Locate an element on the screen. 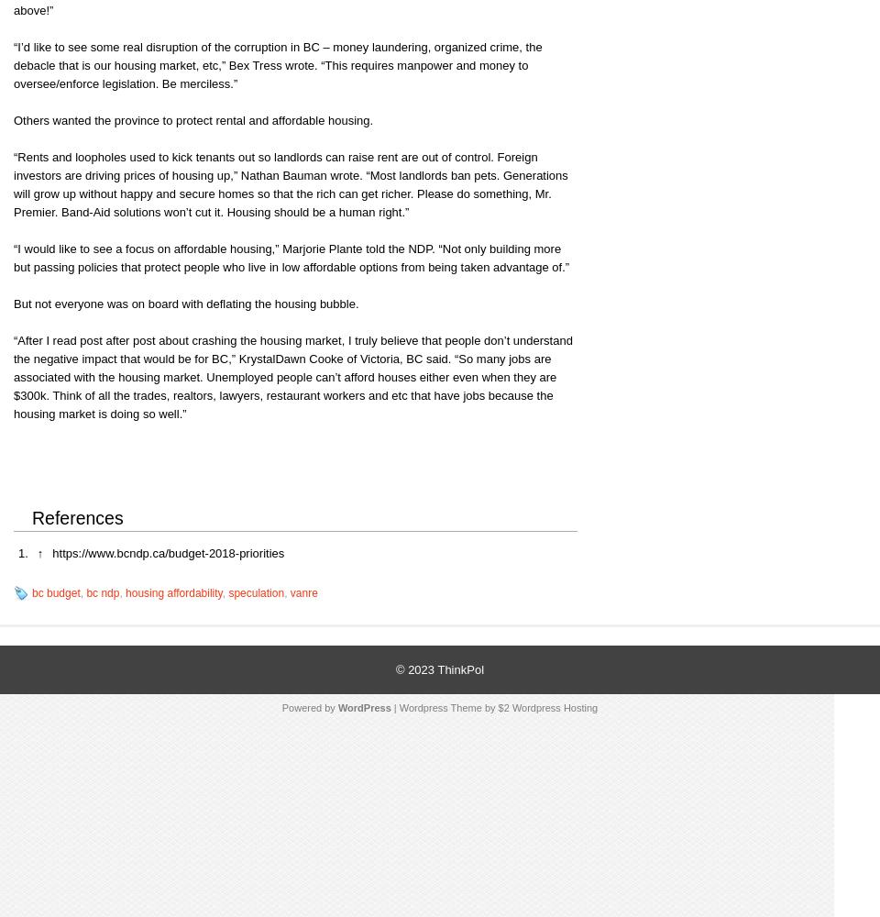 The height and width of the screenshot is (917, 880). '| Wordpress Theme by' is located at coordinates (443, 708).